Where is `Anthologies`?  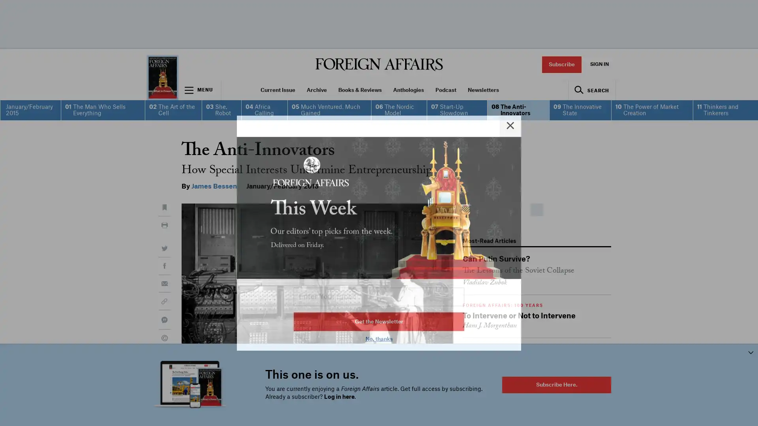
Anthologies is located at coordinates (408, 90).